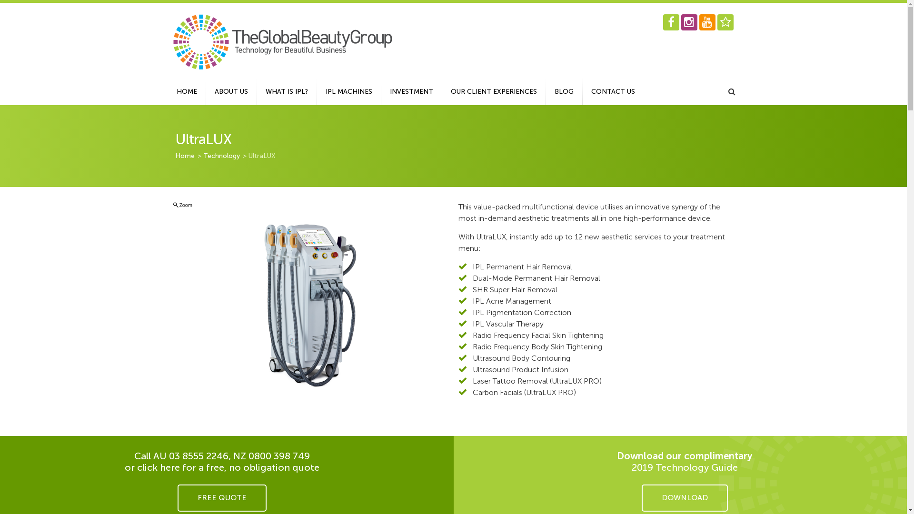 This screenshot has width=914, height=514. What do you see at coordinates (185, 155) in the screenshot?
I see `'Home'` at bounding box center [185, 155].